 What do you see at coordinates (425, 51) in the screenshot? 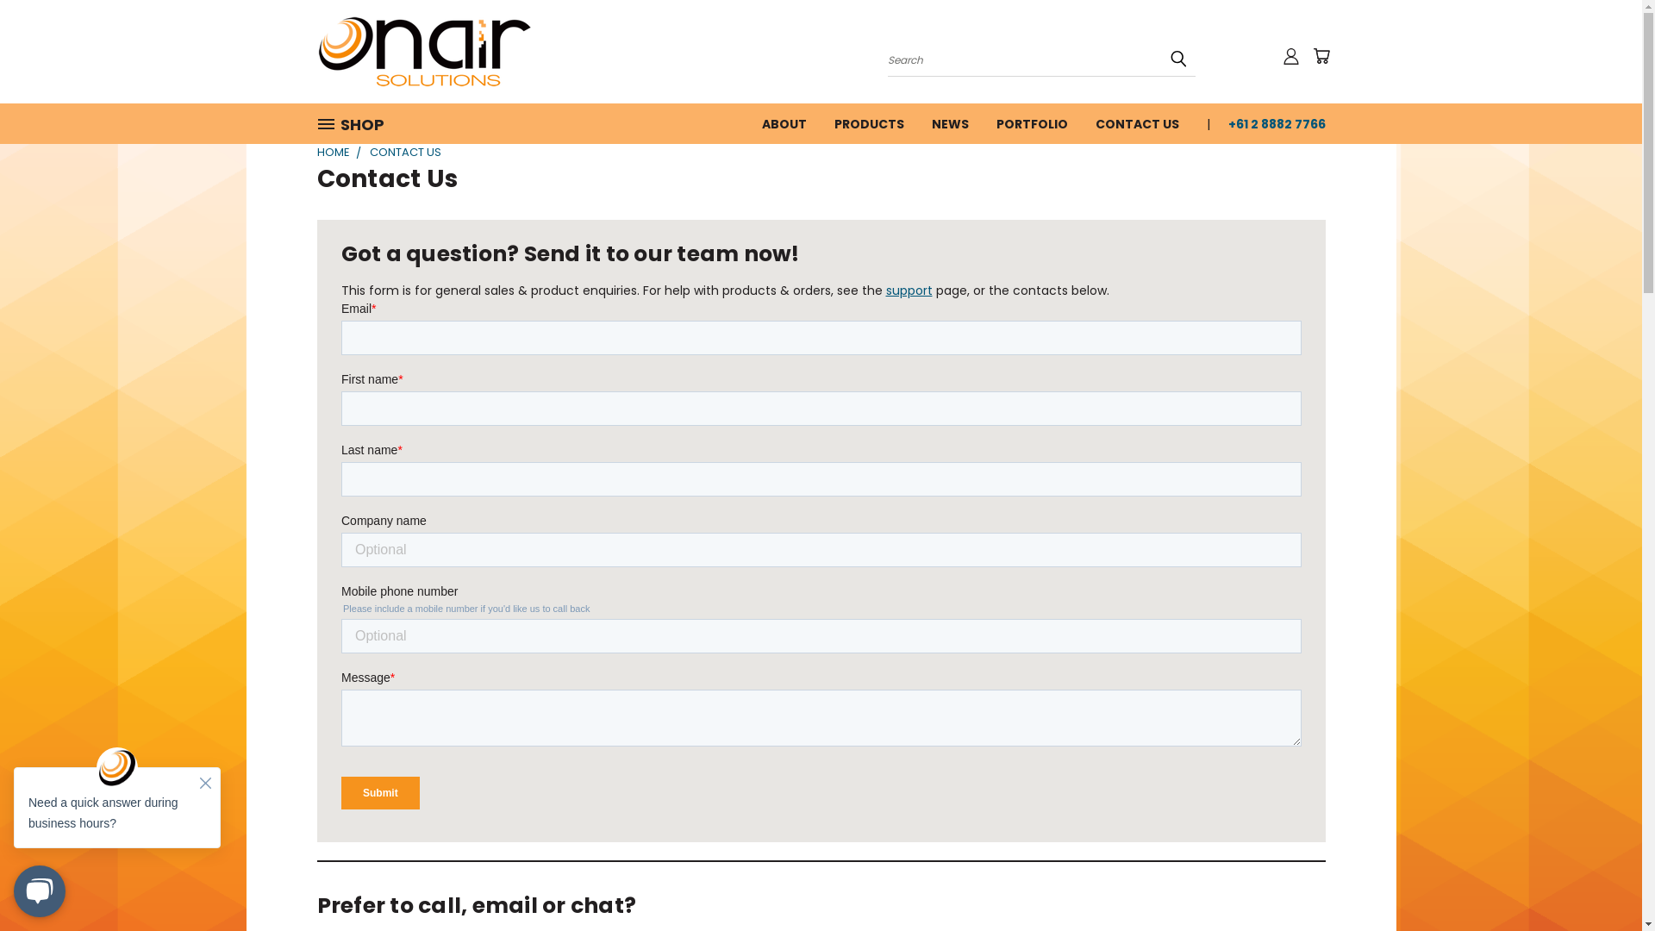
I see `'OnAir Solutions'` at bounding box center [425, 51].